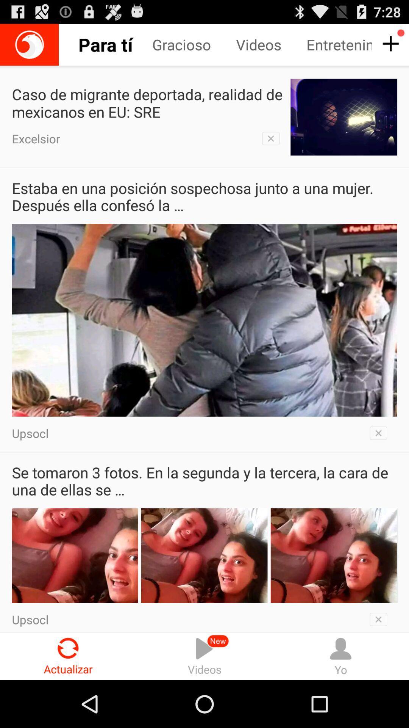 This screenshot has width=409, height=728. I want to click on return to homepage, so click(29, 44).